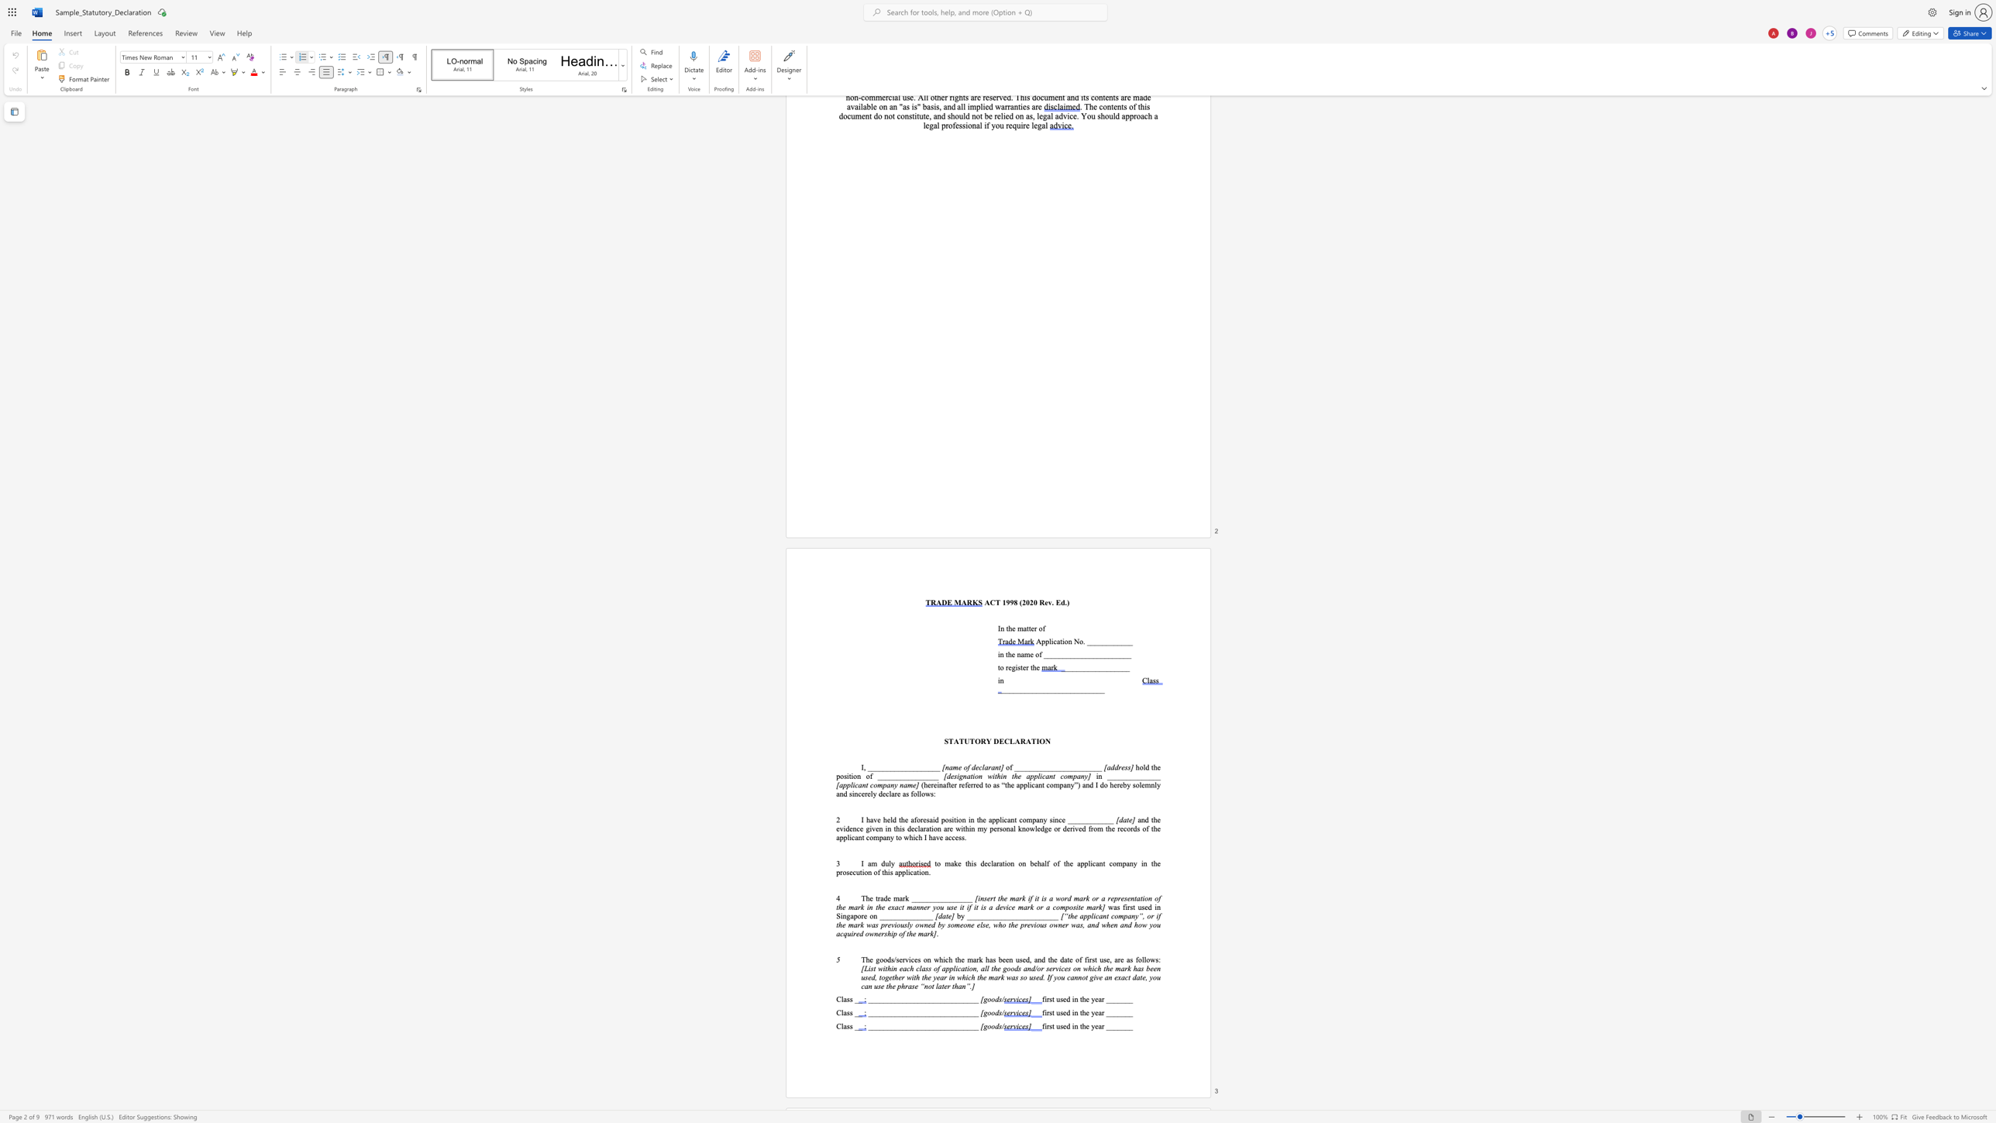 The height and width of the screenshot is (1123, 1996). What do you see at coordinates (881, 998) in the screenshot?
I see `the 4th character "_" in the text` at bounding box center [881, 998].